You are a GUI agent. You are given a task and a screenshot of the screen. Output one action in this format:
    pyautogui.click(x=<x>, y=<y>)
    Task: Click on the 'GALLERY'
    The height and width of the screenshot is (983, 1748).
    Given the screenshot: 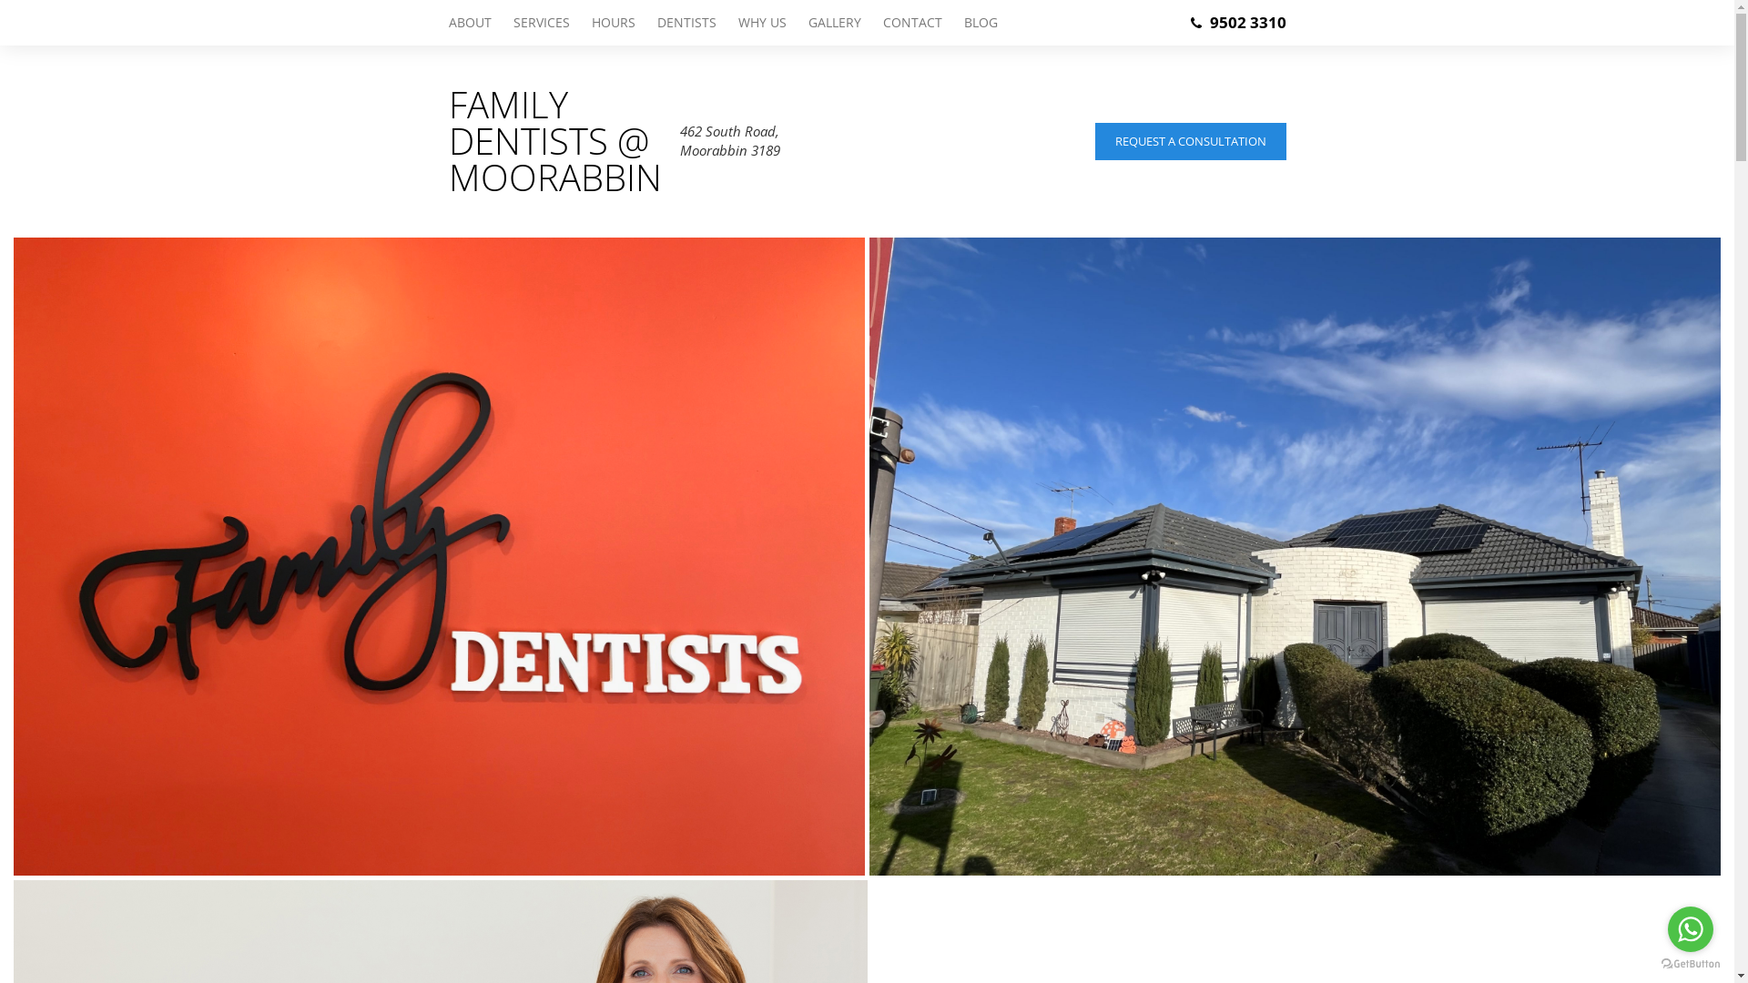 What is the action you would take?
    pyautogui.click(x=833, y=22)
    